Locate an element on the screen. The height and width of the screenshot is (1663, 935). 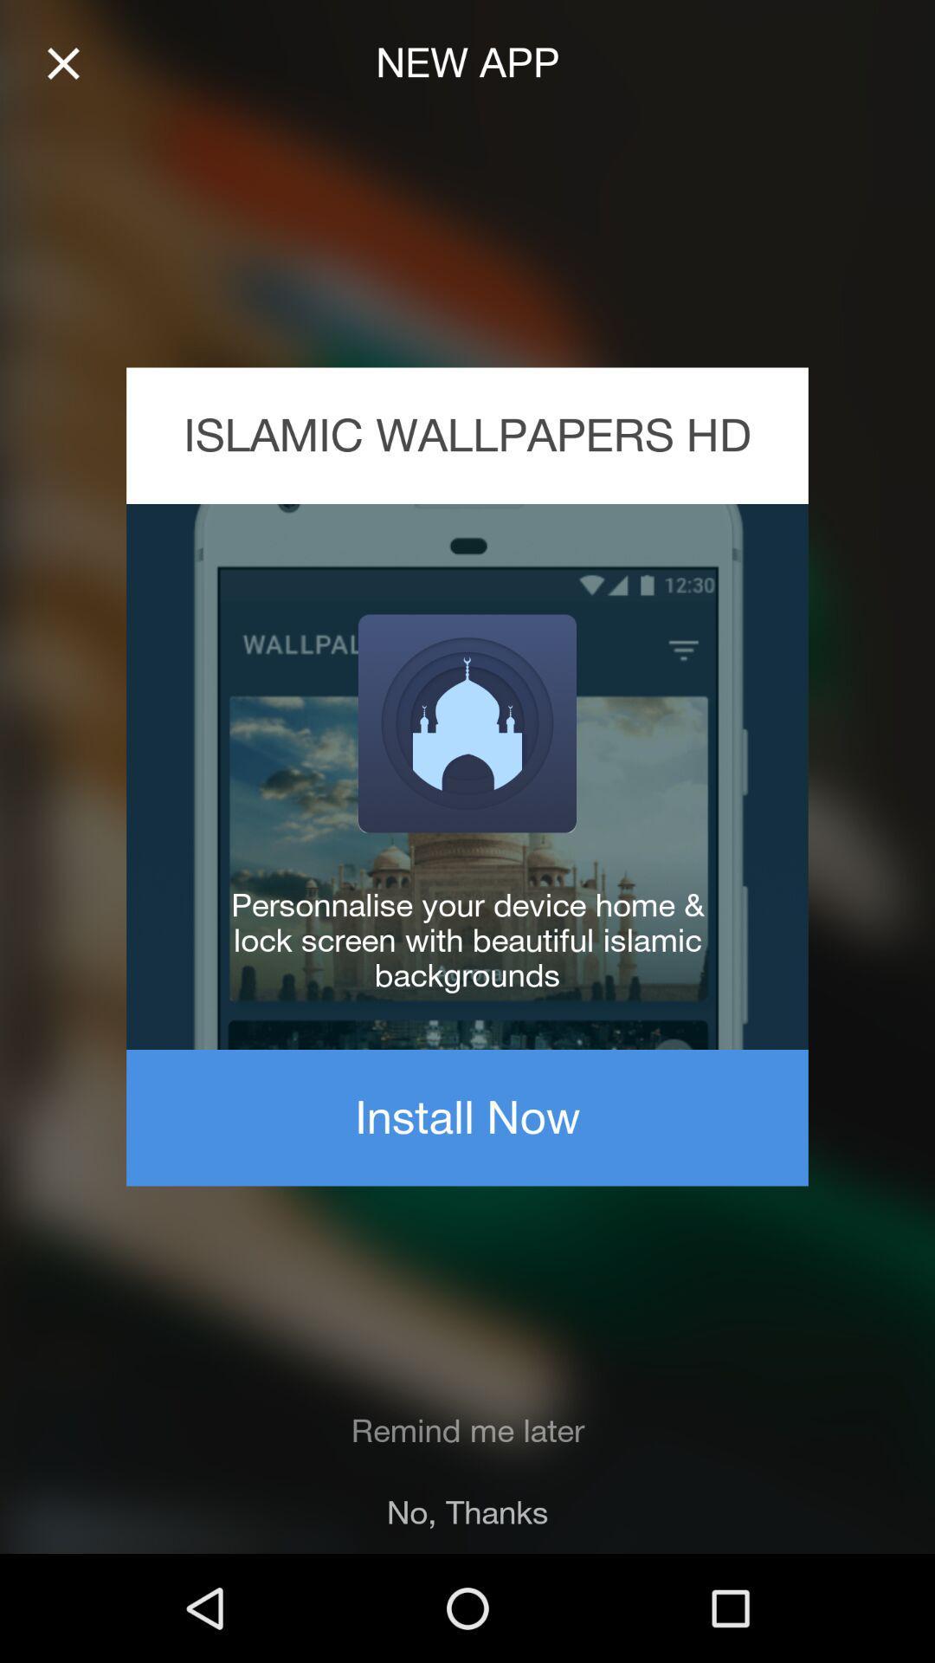
install now item is located at coordinates (467, 1117).